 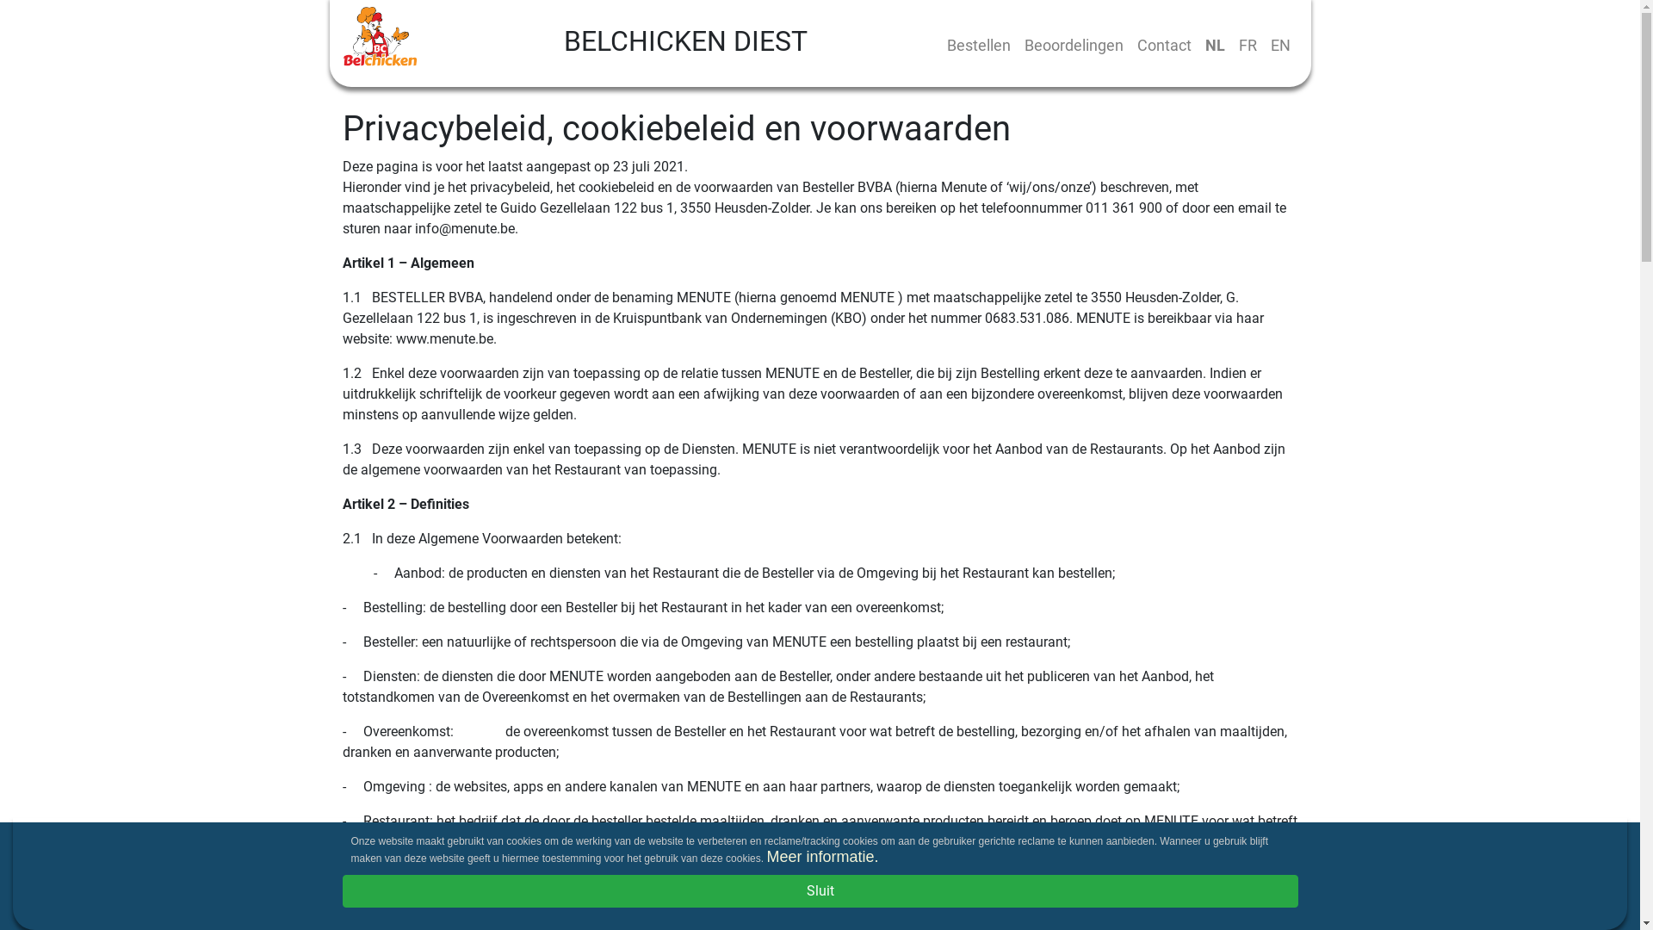 What do you see at coordinates (1280, 44) in the screenshot?
I see `'EN'` at bounding box center [1280, 44].